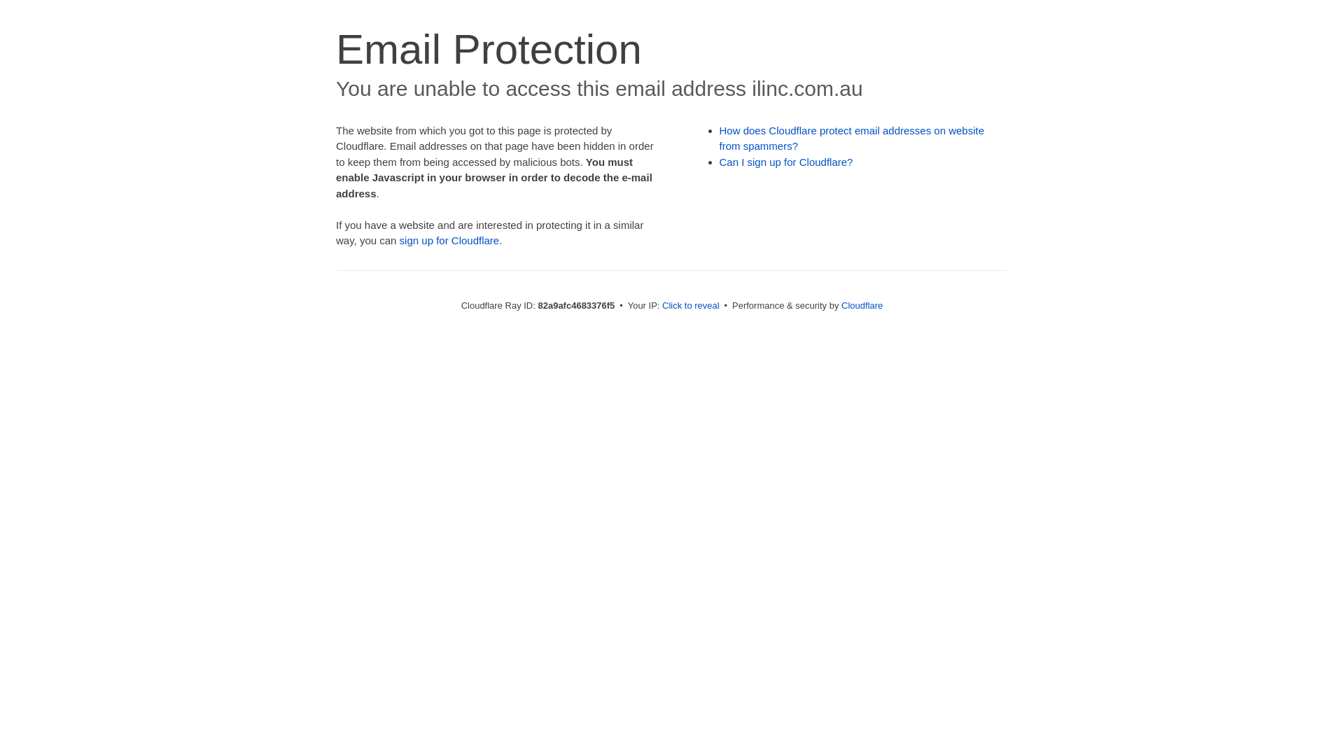 The height and width of the screenshot is (756, 1344). What do you see at coordinates (691, 304) in the screenshot?
I see `'Click to reveal'` at bounding box center [691, 304].